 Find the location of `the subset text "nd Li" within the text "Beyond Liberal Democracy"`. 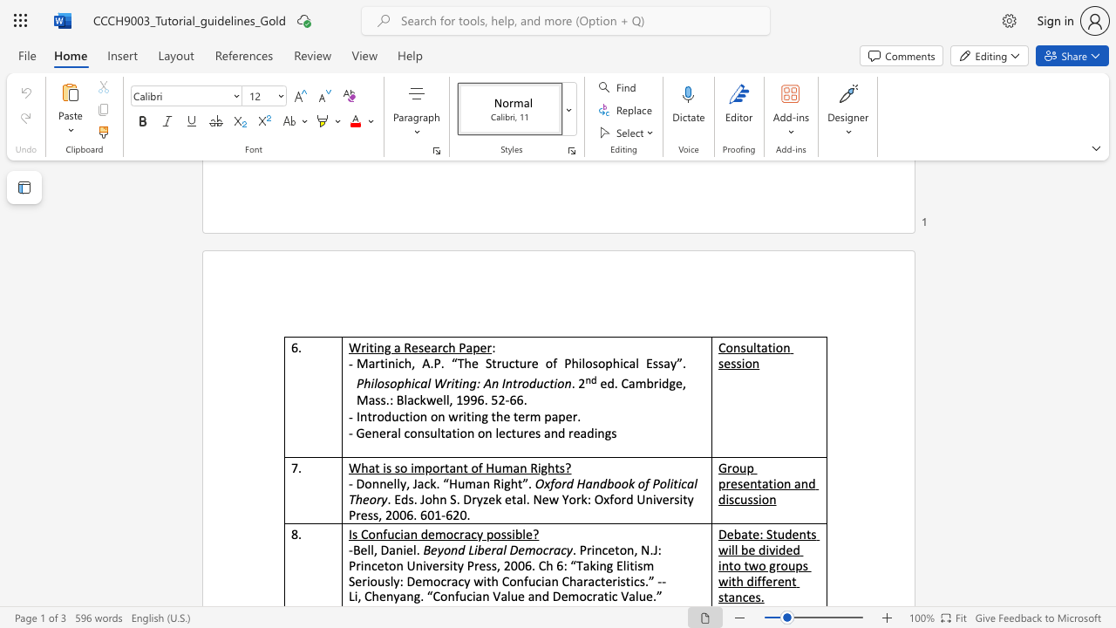

the subset text "nd Li" within the text "Beyond Liberal Democracy" is located at coordinates (451, 549).